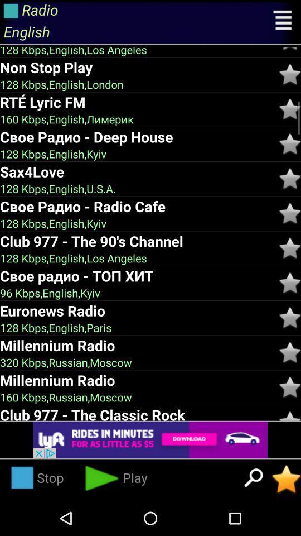 The width and height of the screenshot is (301, 536). I want to click on open menu, so click(283, 21).